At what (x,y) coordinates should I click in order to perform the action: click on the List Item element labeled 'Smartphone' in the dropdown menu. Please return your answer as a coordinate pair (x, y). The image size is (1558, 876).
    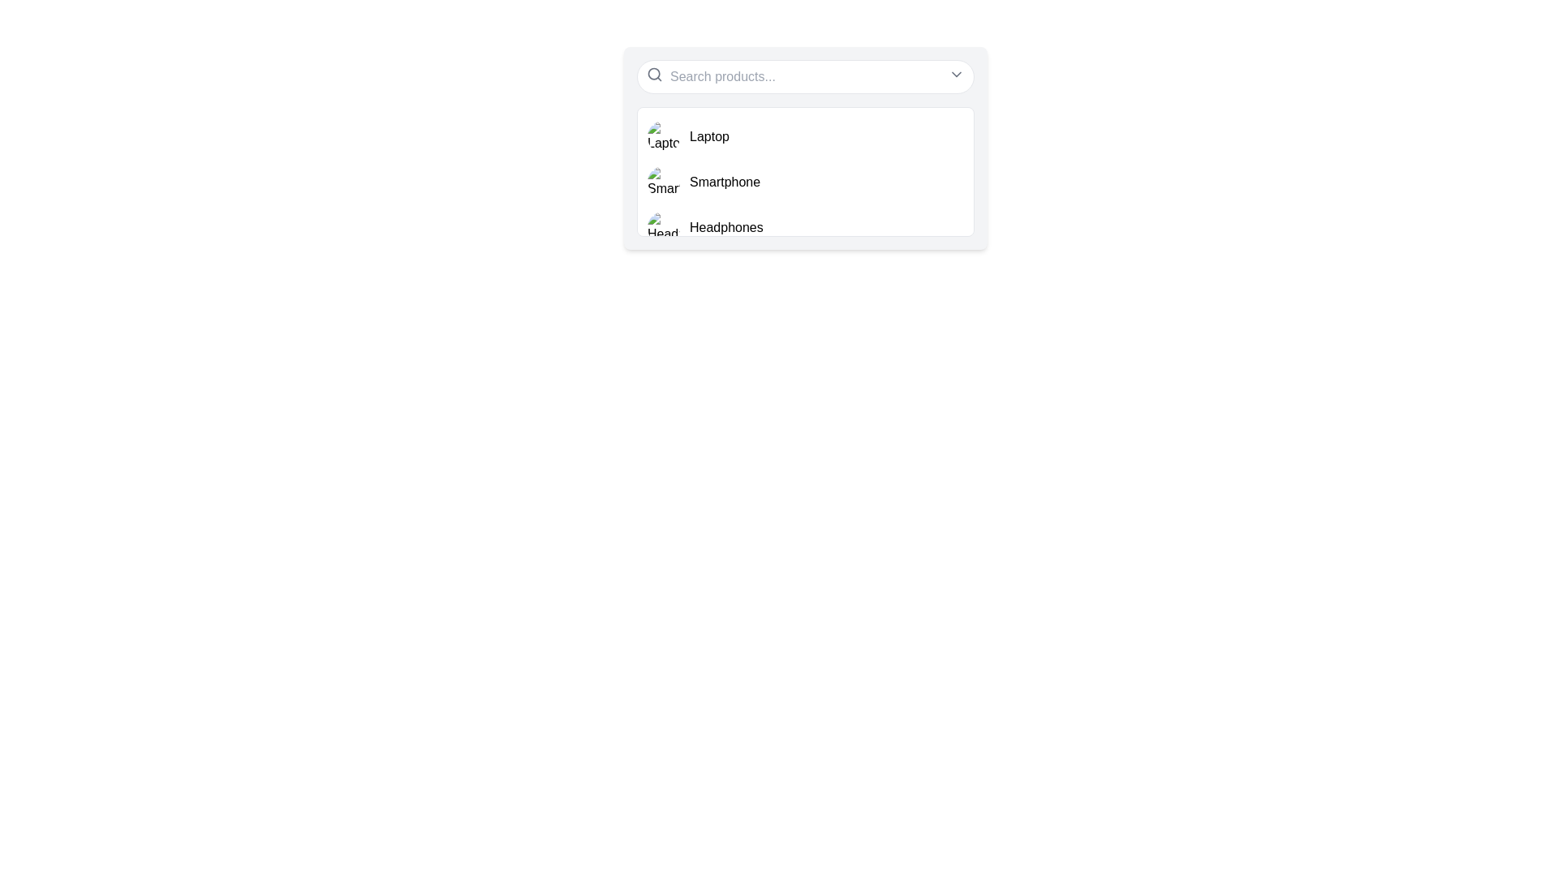
    Looking at the image, I should click on (806, 182).